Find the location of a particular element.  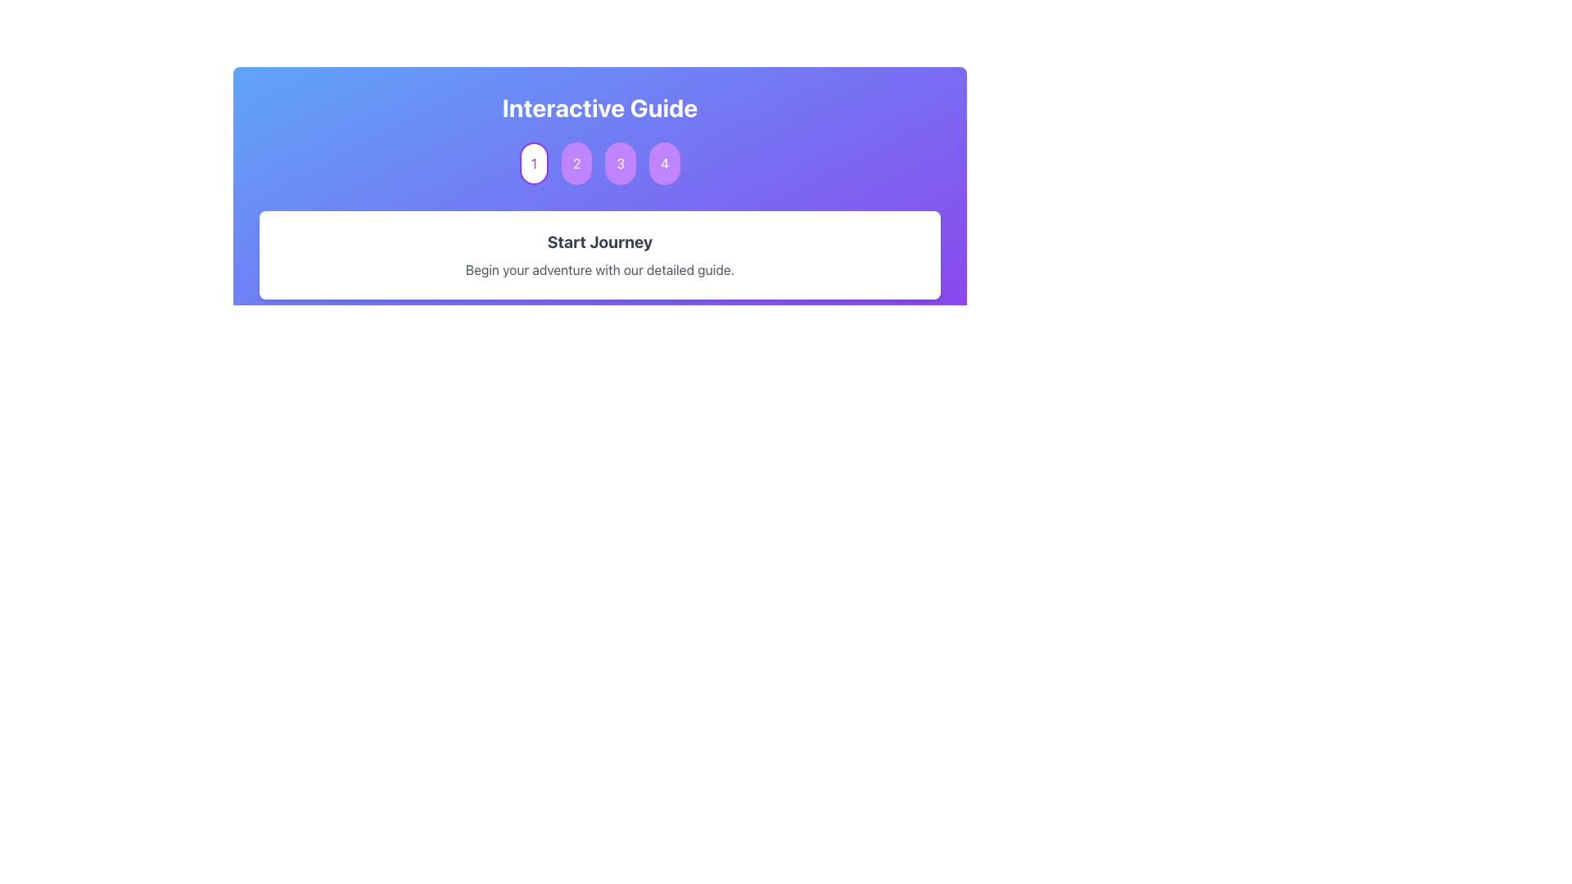

text heading that is styled with bold white 3xl fonts, centered and reading 'Interactive Guide', displayed within a blue-to-purple gradient background is located at coordinates (599, 107).